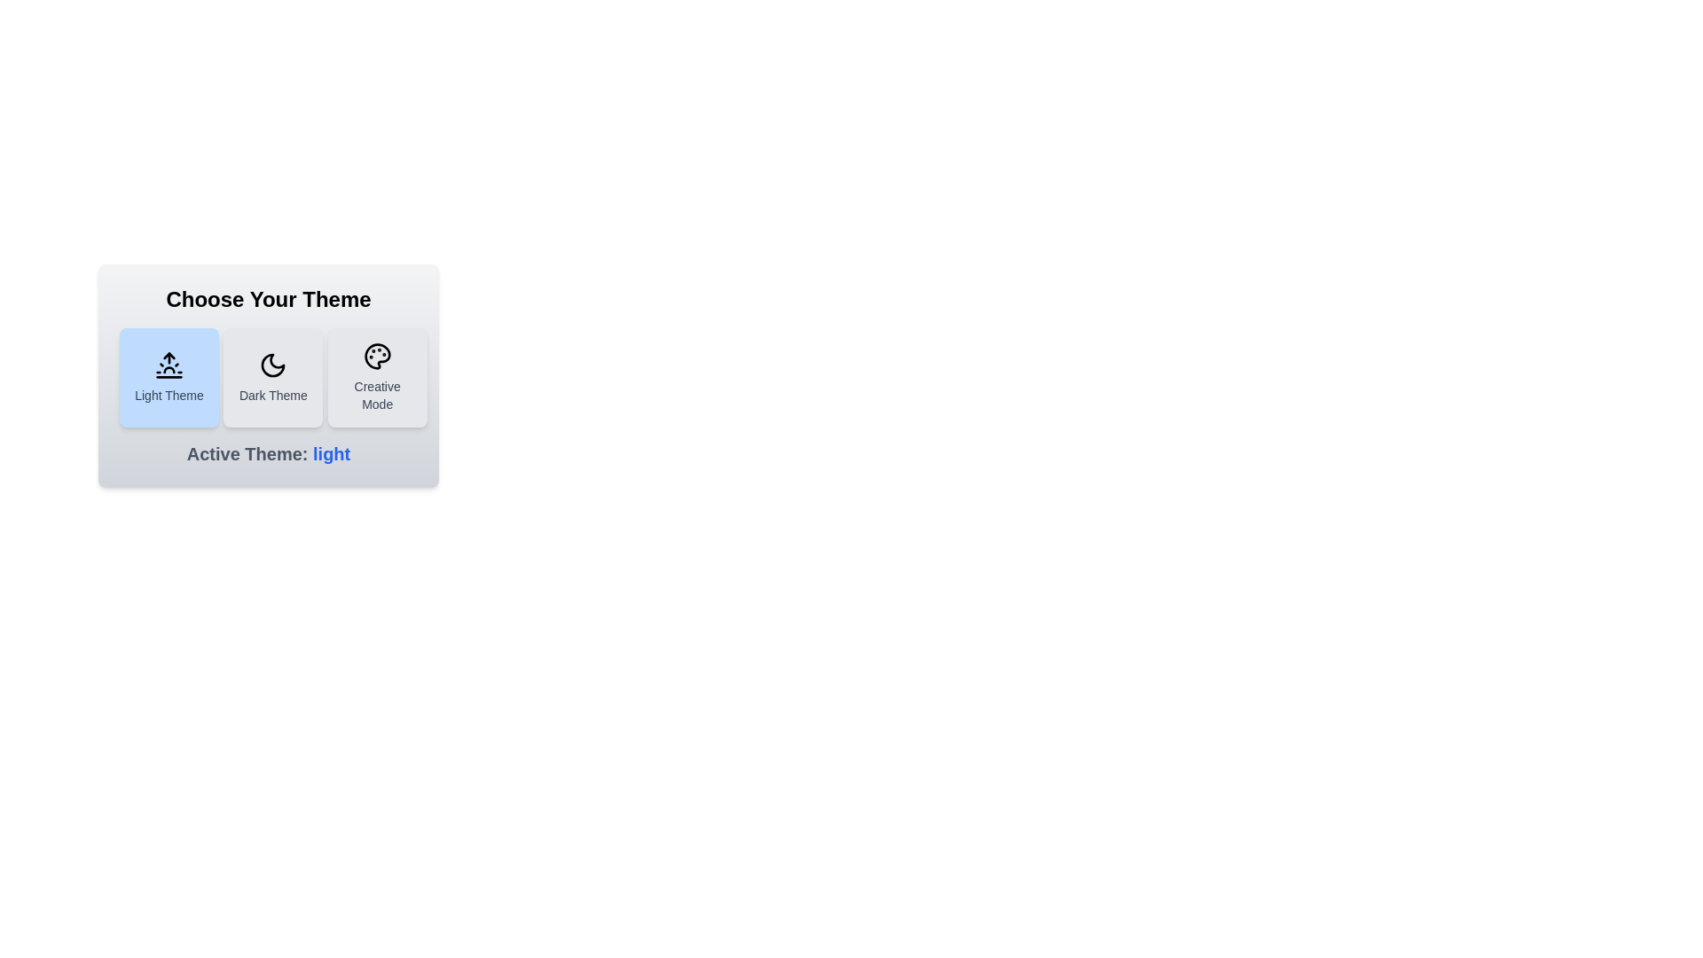  What do you see at coordinates (169, 376) in the screenshot?
I see `the theme by clicking on the button corresponding to Light Theme` at bounding box center [169, 376].